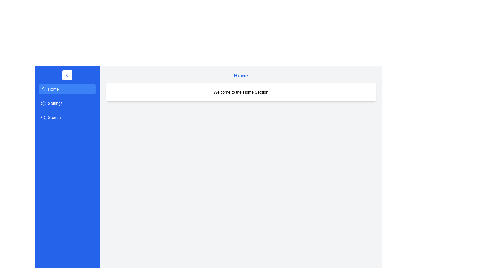  Describe the element at coordinates (67, 117) in the screenshot. I see `the Search section from the drawer menu` at that location.